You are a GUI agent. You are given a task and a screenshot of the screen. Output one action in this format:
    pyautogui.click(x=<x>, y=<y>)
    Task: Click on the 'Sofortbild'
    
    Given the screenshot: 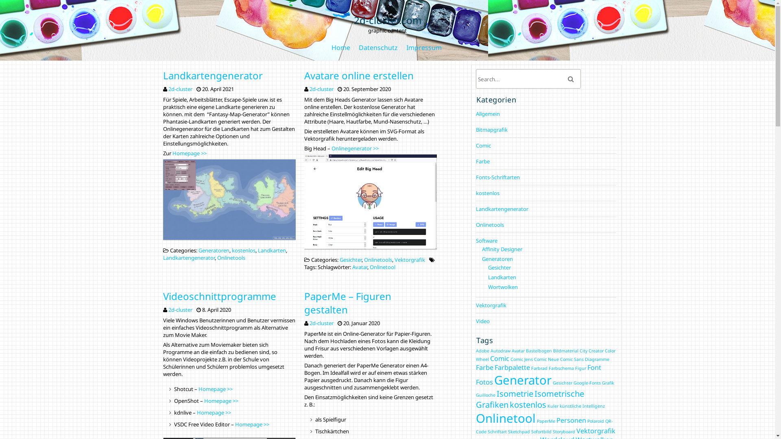 What is the action you would take?
    pyautogui.click(x=531, y=431)
    